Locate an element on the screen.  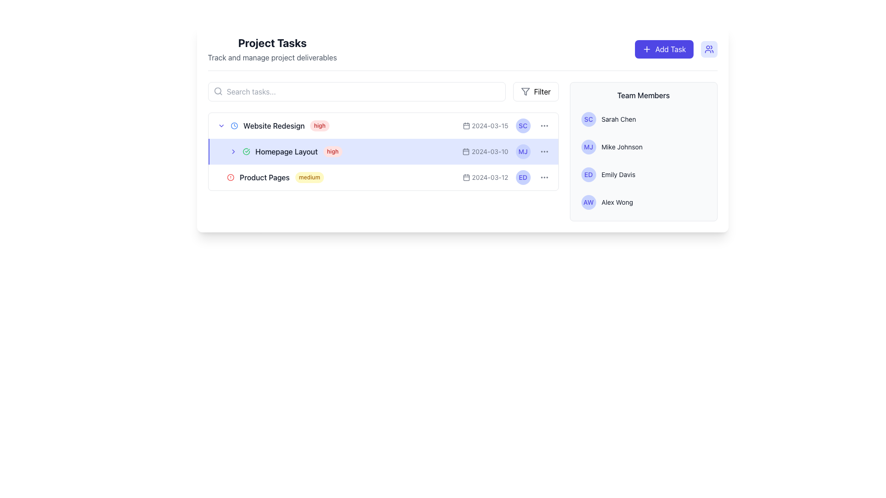
the button located in the row of the task 'Website Redesign' with a deadline of '2024-03-15', adjacent to the initials 'SC' is located at coordinates (544, 126).